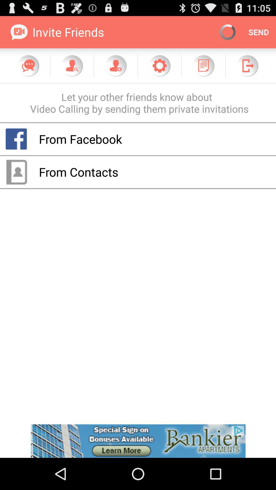 This screenshot has height=490, width=276. I want to click on find friends, so click(72, 65).